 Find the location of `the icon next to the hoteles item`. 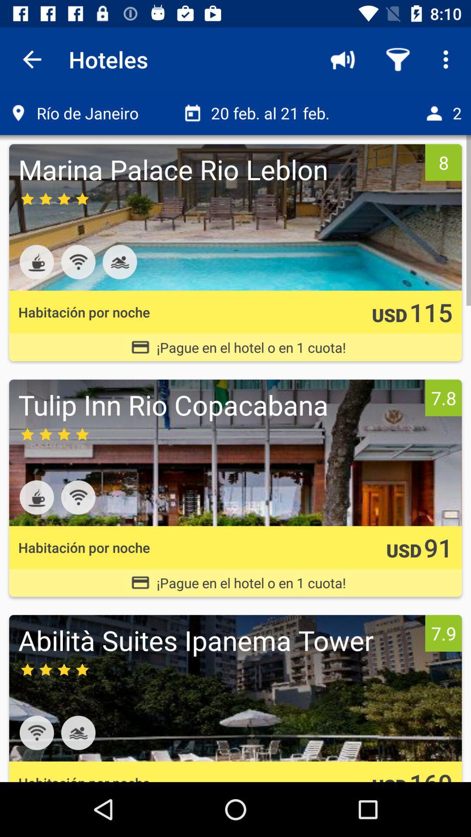

the icon next to the hoteles item is located at coordinates (31, 59).